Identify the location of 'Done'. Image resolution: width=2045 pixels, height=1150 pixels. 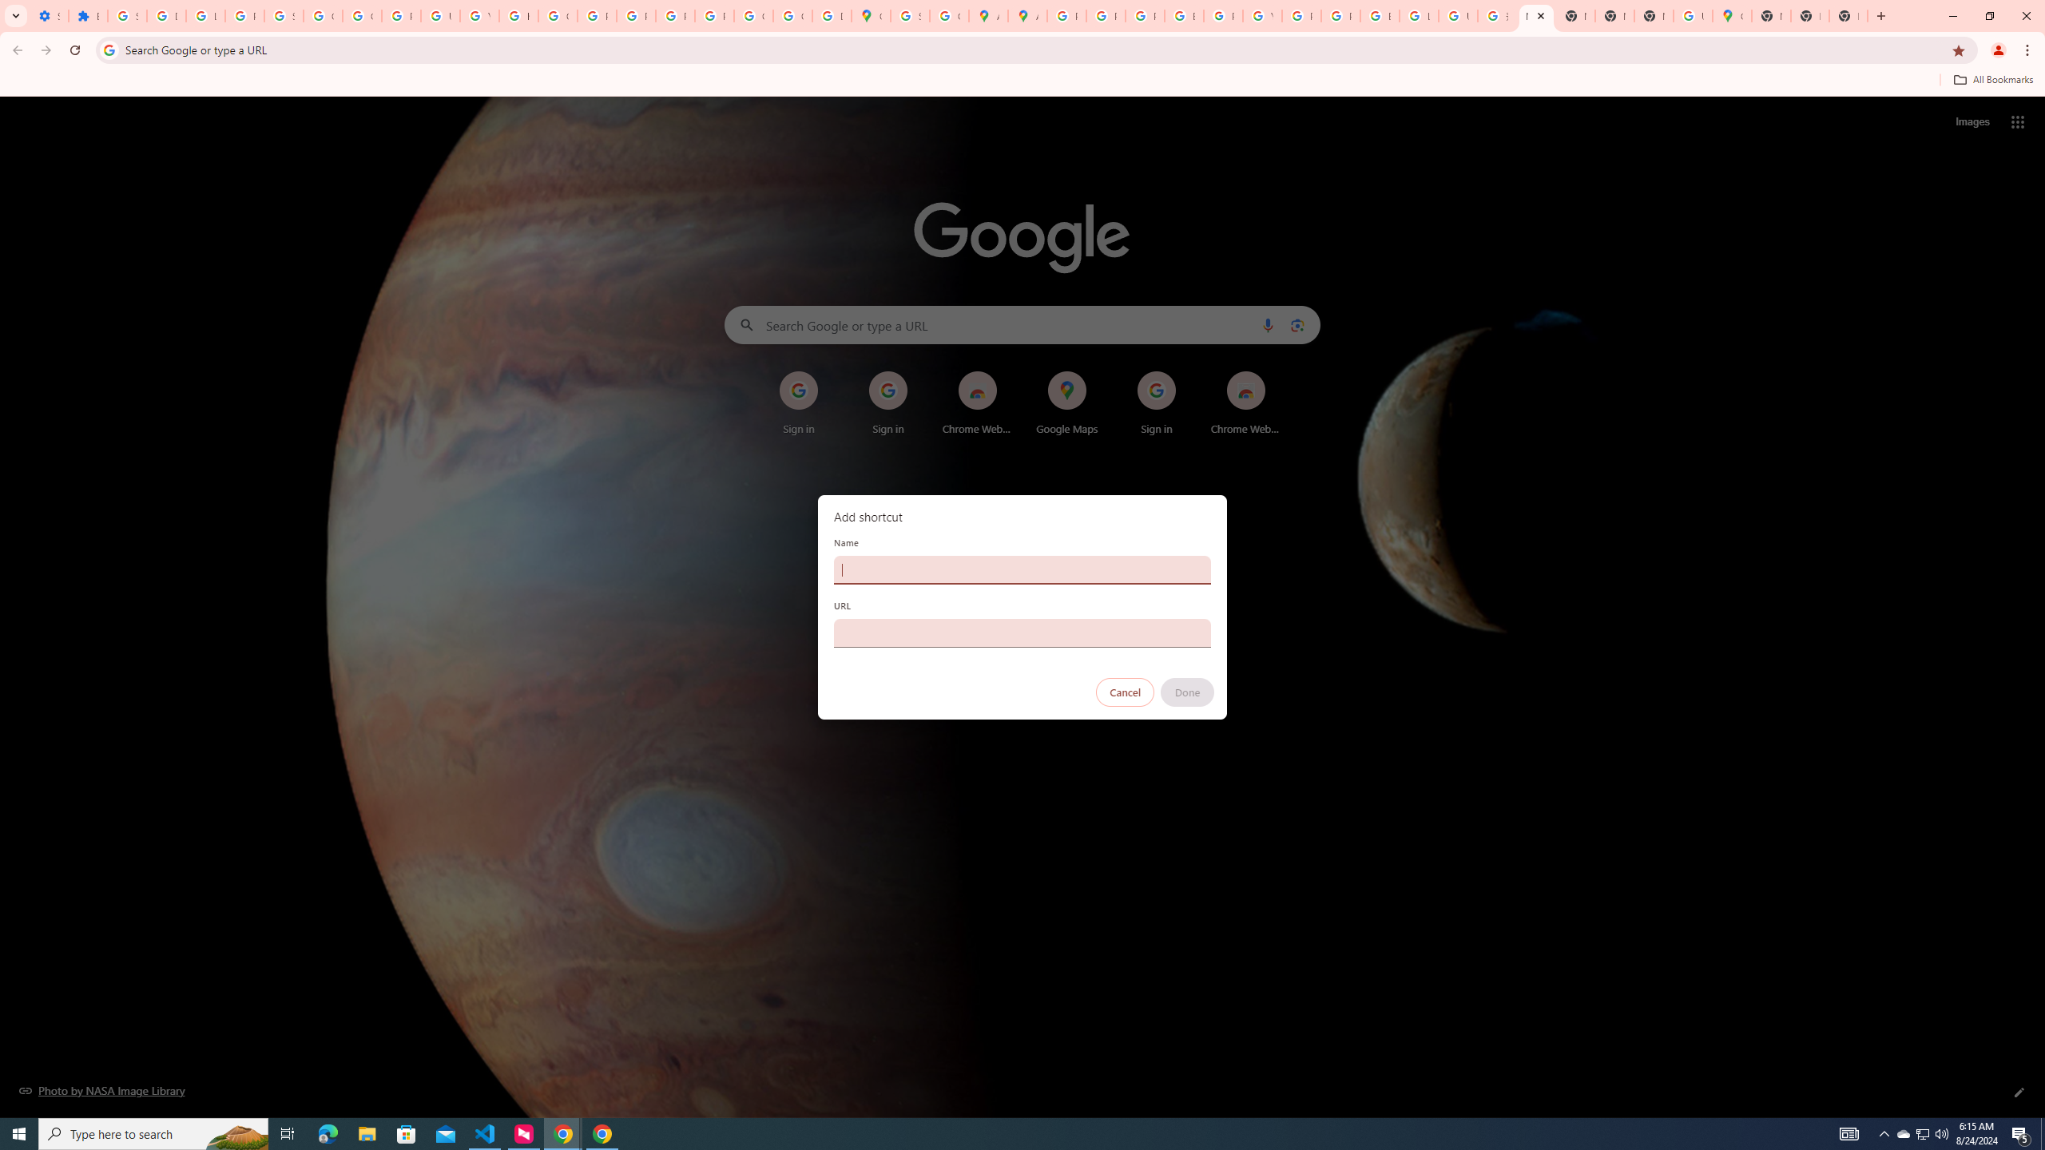
(1188, 692).